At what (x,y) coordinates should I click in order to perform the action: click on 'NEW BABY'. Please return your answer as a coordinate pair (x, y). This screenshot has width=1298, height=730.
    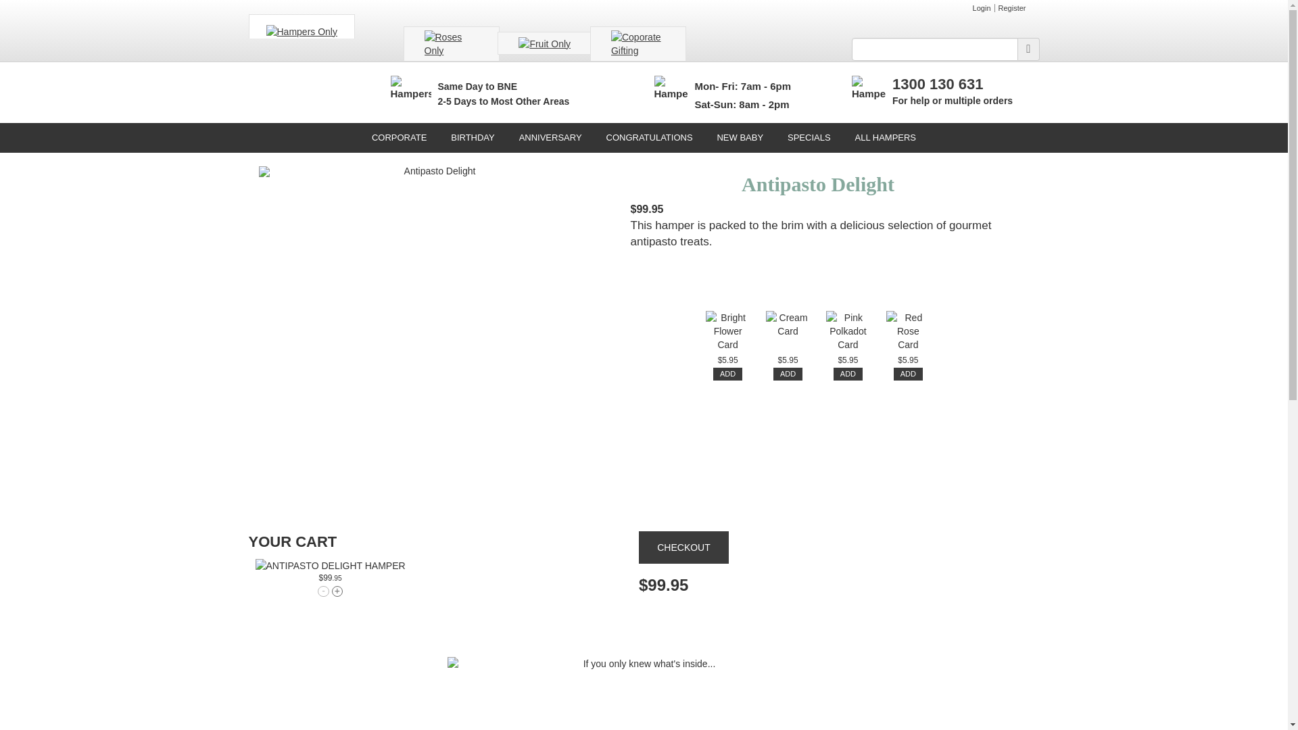
    Looking at the image, I should click on (739, 138).